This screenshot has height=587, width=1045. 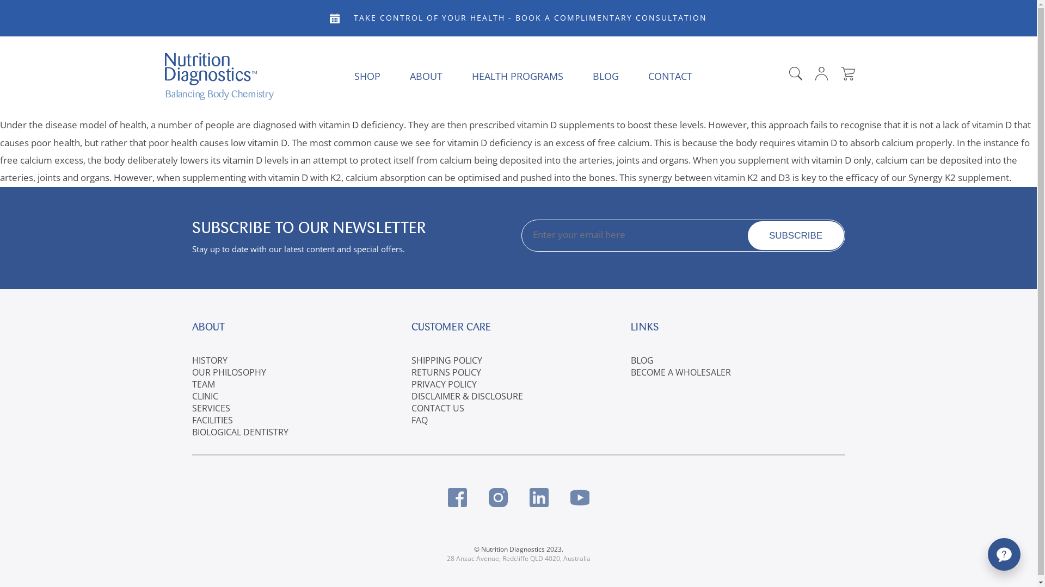 What do you see at coordinates (444, 383) in the screenshot?
I see `'PRIVACY POLICY'` at bounding box center [444, 383].